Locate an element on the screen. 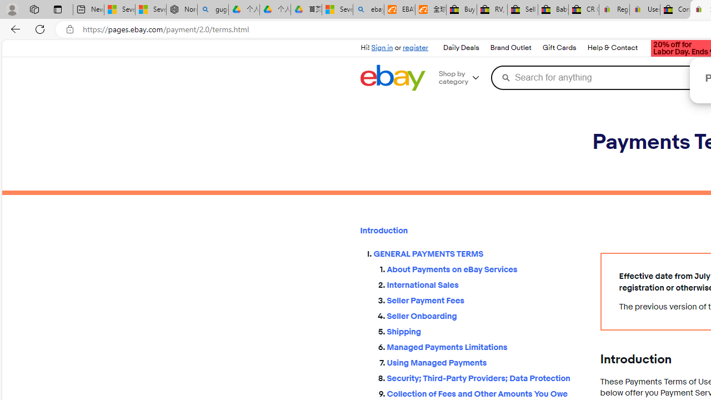 The height and width of the screenshot is (400, 711). 'Collection of Fees and Other Amounts You Owe' is located at coordinates (484, 391).